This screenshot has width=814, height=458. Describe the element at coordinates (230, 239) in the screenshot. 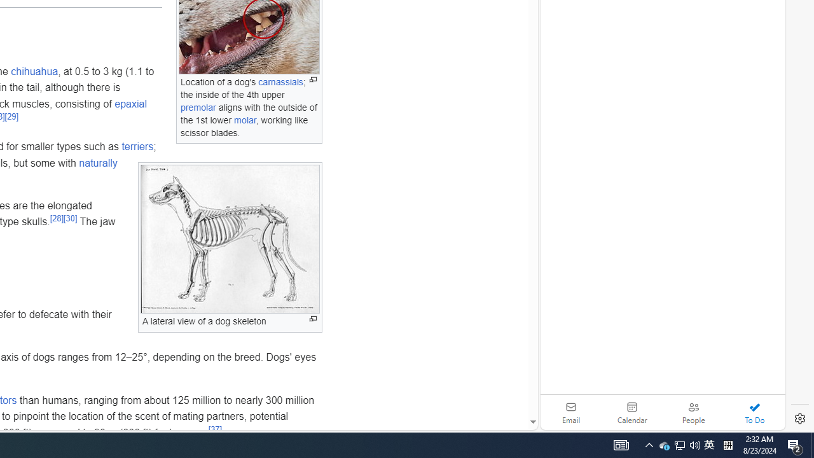

I see `'Class: mw-file-description'` at that location.